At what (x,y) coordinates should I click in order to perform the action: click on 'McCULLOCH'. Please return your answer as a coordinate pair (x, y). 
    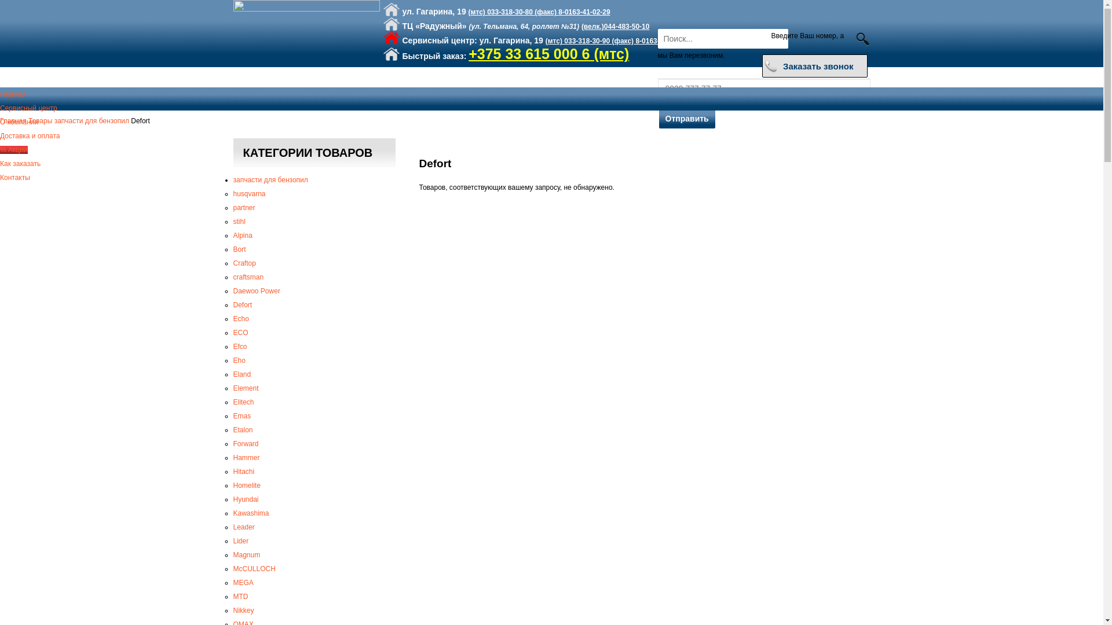
    Looking at the image, I should click on (253, 568).